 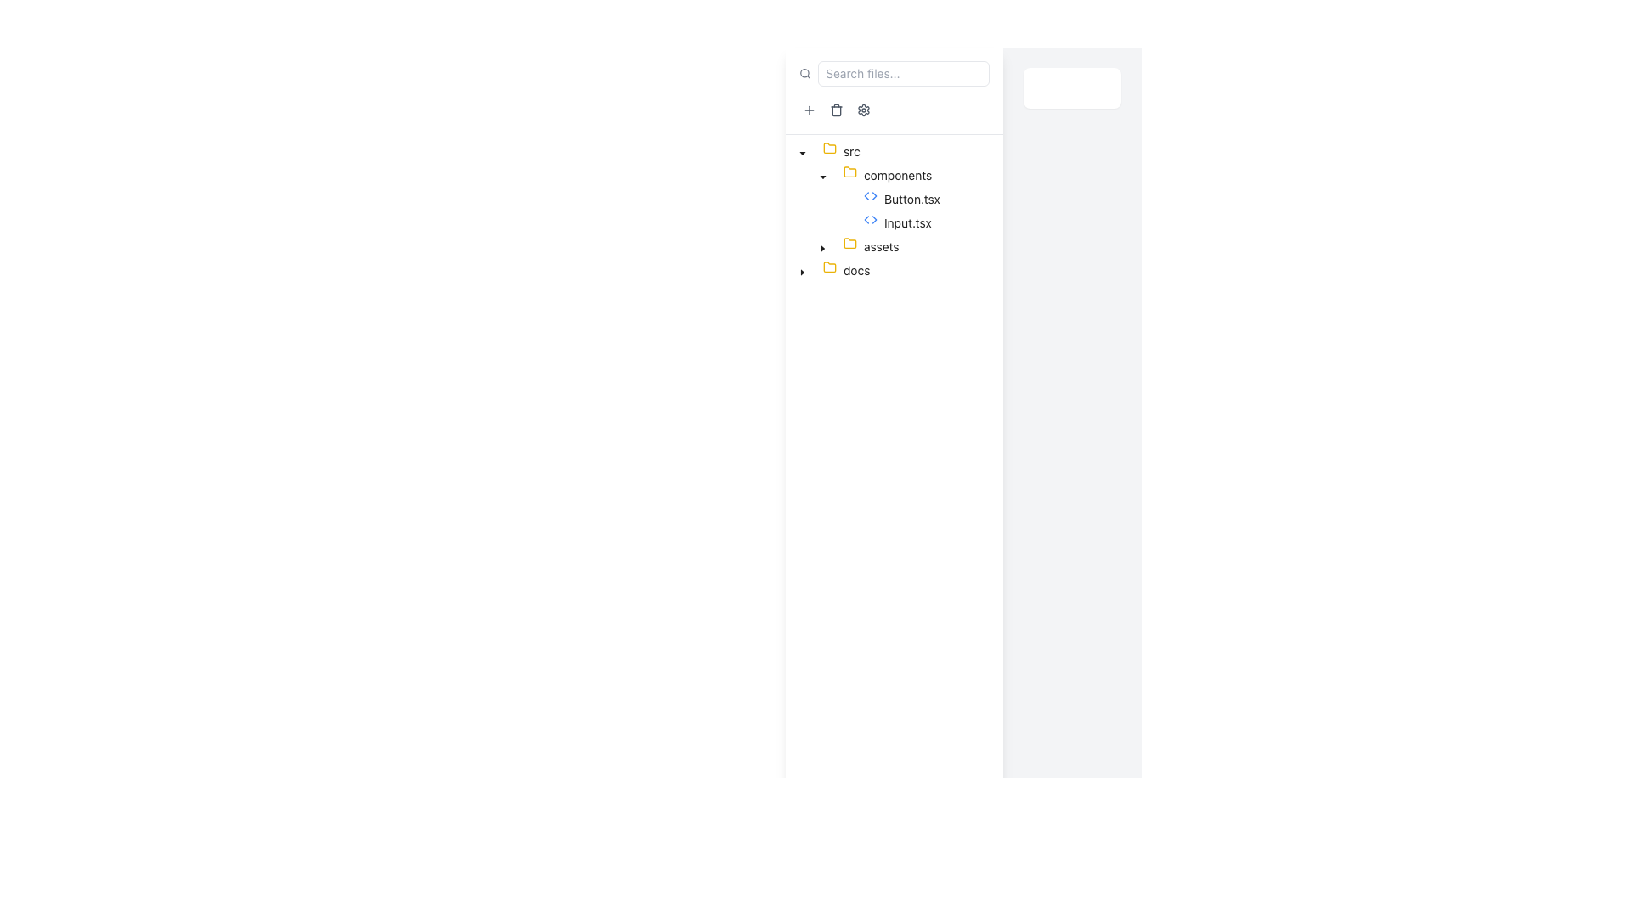 I want to click on the SVG folder icon with a yellow stroke, located adjacent to the 'components' text in the file tree under the 'src' directory, so click(x=850, y=171).